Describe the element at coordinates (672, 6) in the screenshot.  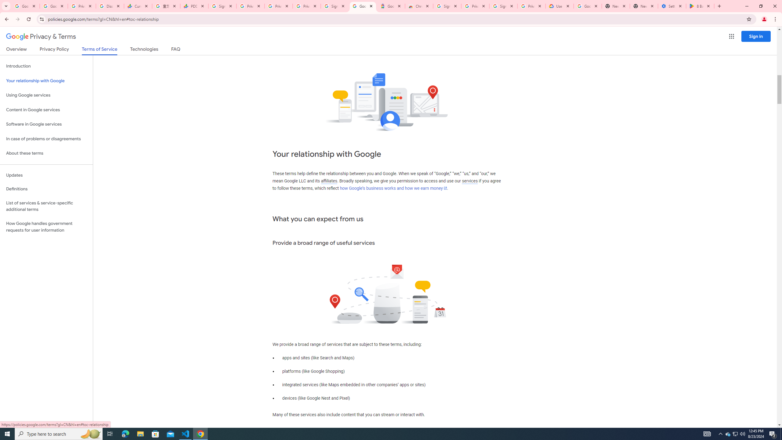
I see `'Settings - System'` at that location.